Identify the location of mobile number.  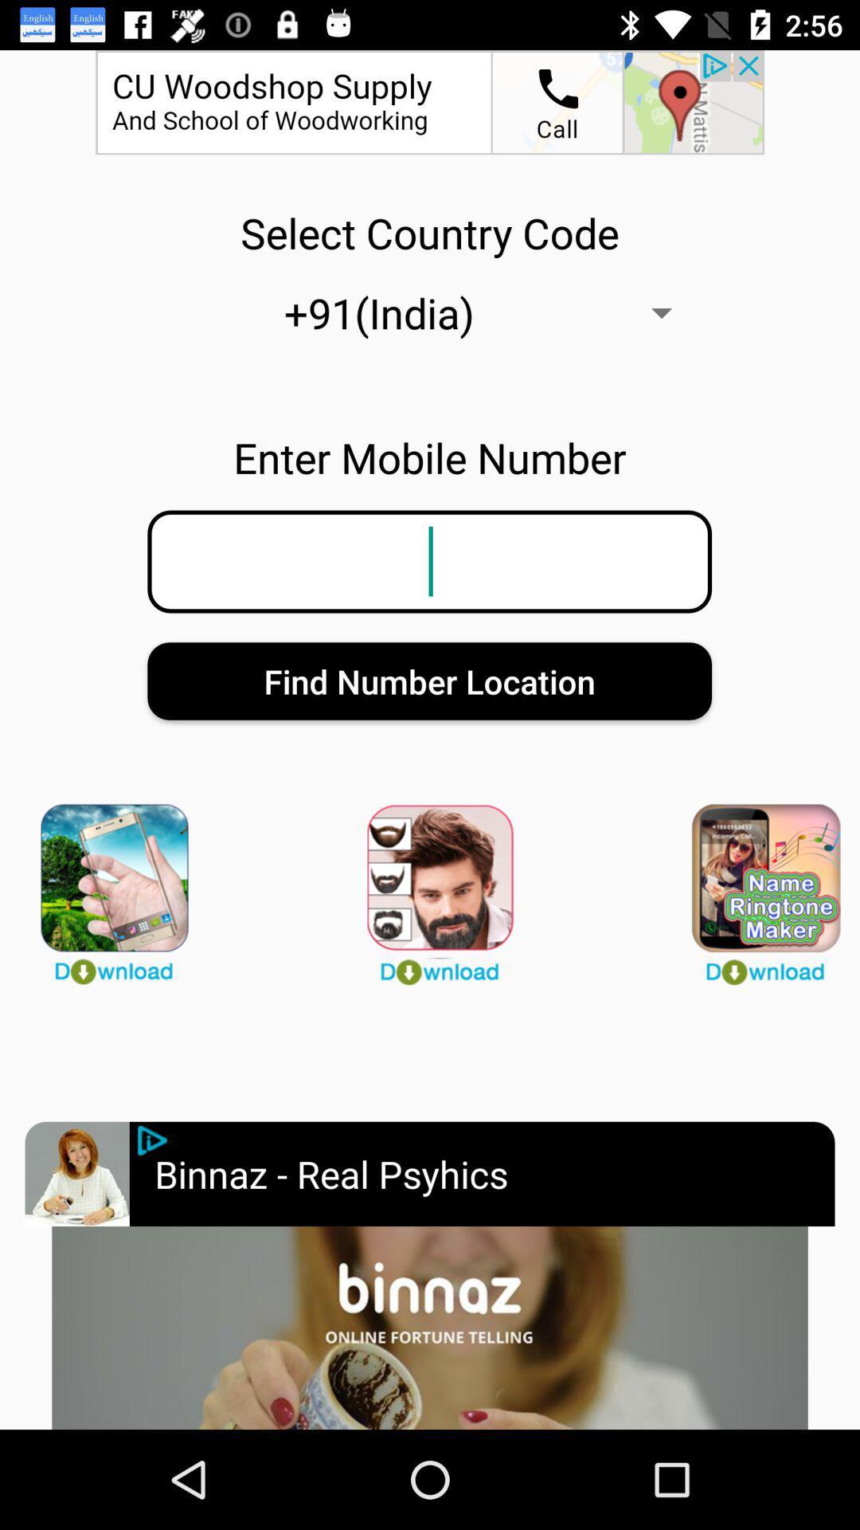
(428, 562).